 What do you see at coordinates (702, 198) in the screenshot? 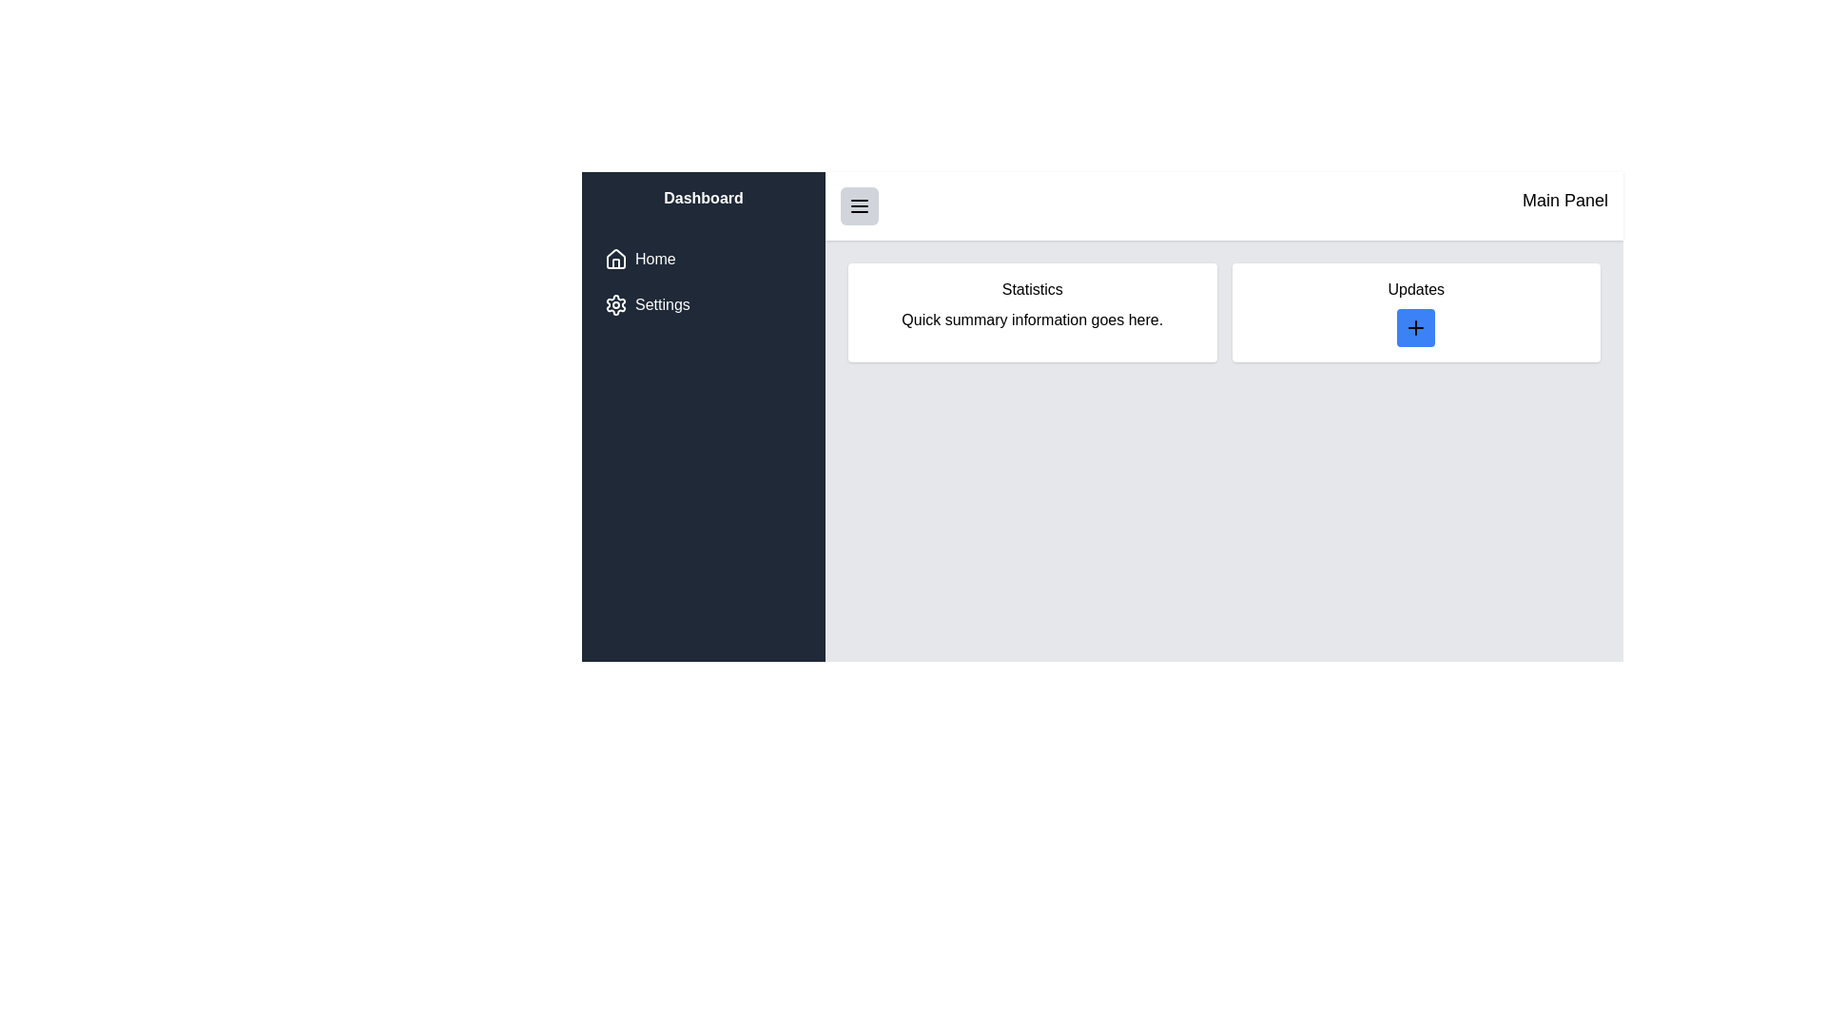
I see `the static label representing the title or heading of the sidebar, which is located at the top of the left-aligned vertical sidebar` at bounding box center [702, 198].